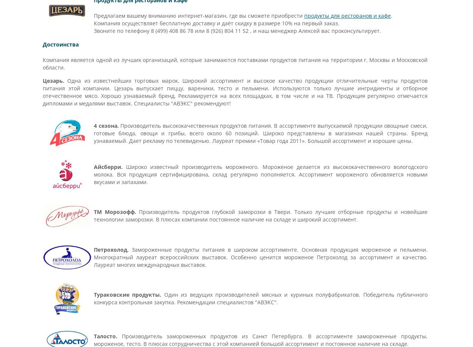 This screenshot has width=473, height=347. I want to click on 'Петрохолод.', so click(111, 249).